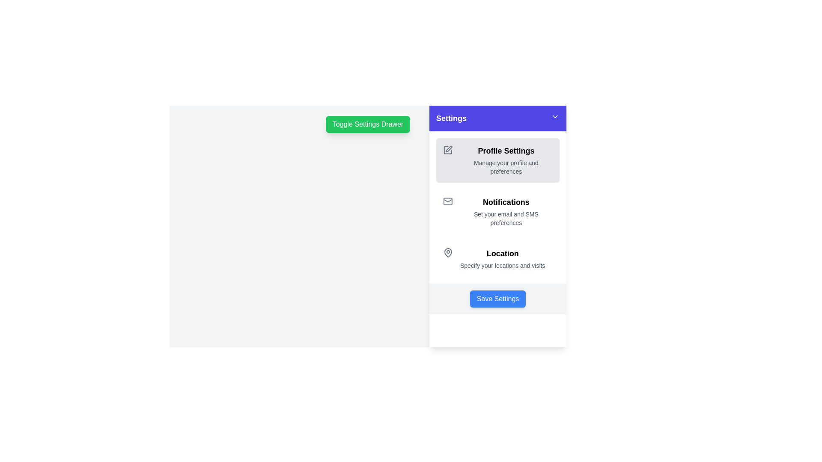  What do you see at coordinates (503, 253) in the screenshot?
I see `the header label for the location settings section, which is positioned above the text 'Specify your locations and visits' in the settings panel` at bounding box center [503, 253].